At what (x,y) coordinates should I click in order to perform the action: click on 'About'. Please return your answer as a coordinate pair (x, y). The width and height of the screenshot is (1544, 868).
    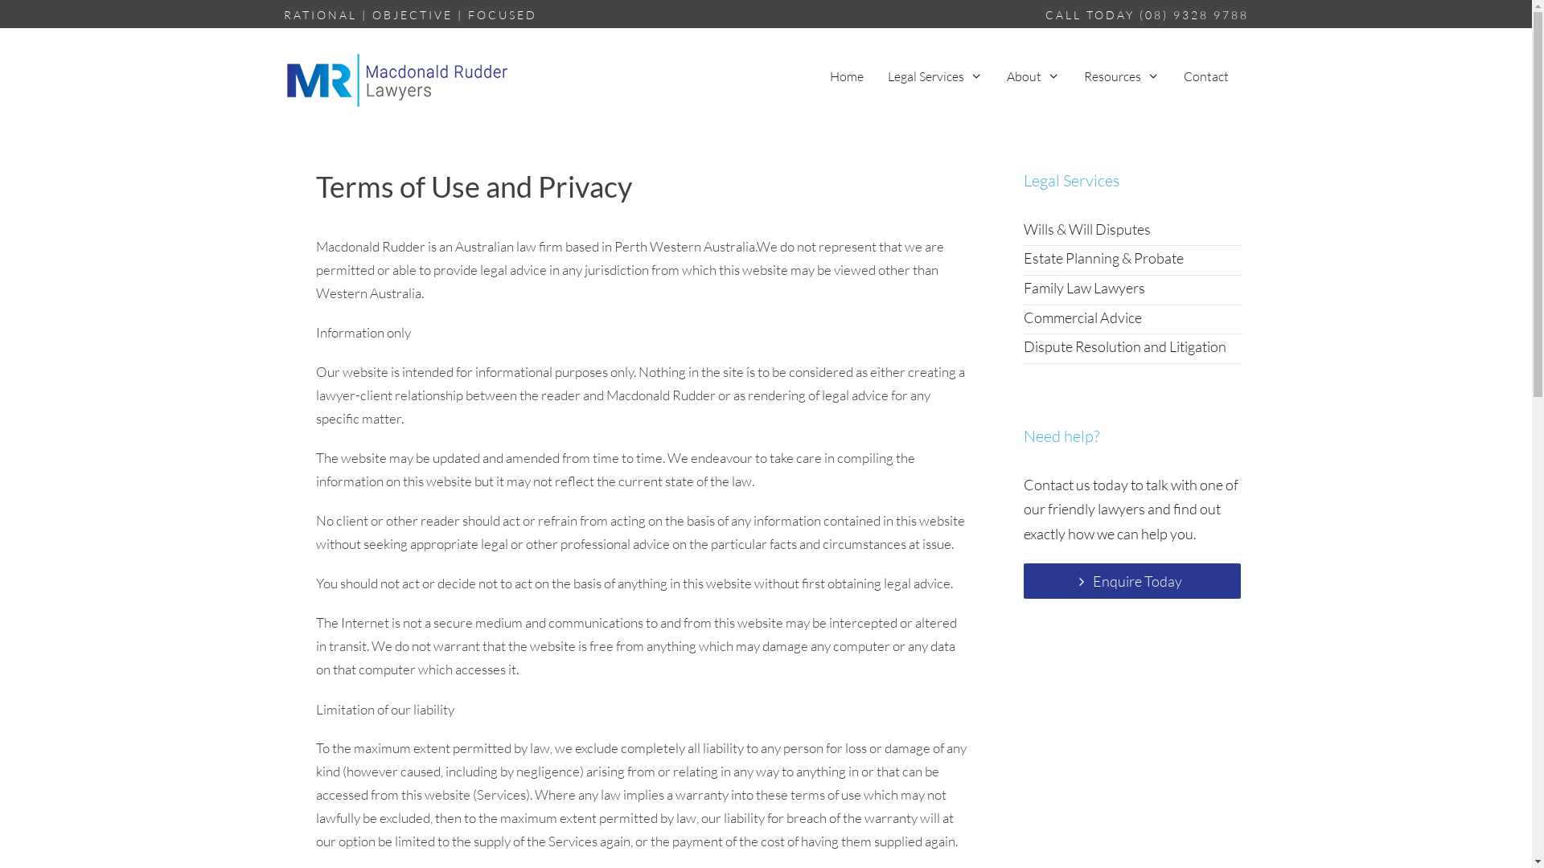
    Looking at the image, I should click on (1033, 76).